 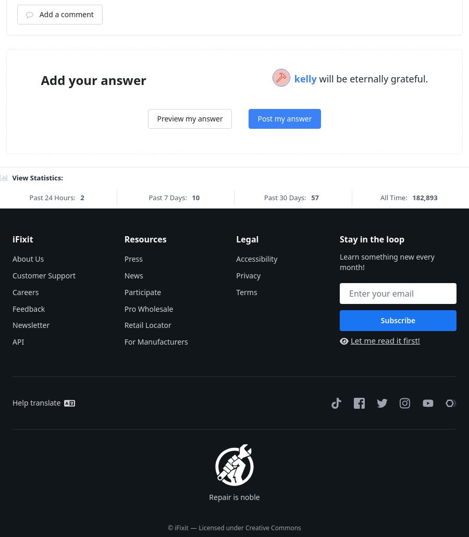 I want to click on 'Post my answer', so click(x=257, y=247).